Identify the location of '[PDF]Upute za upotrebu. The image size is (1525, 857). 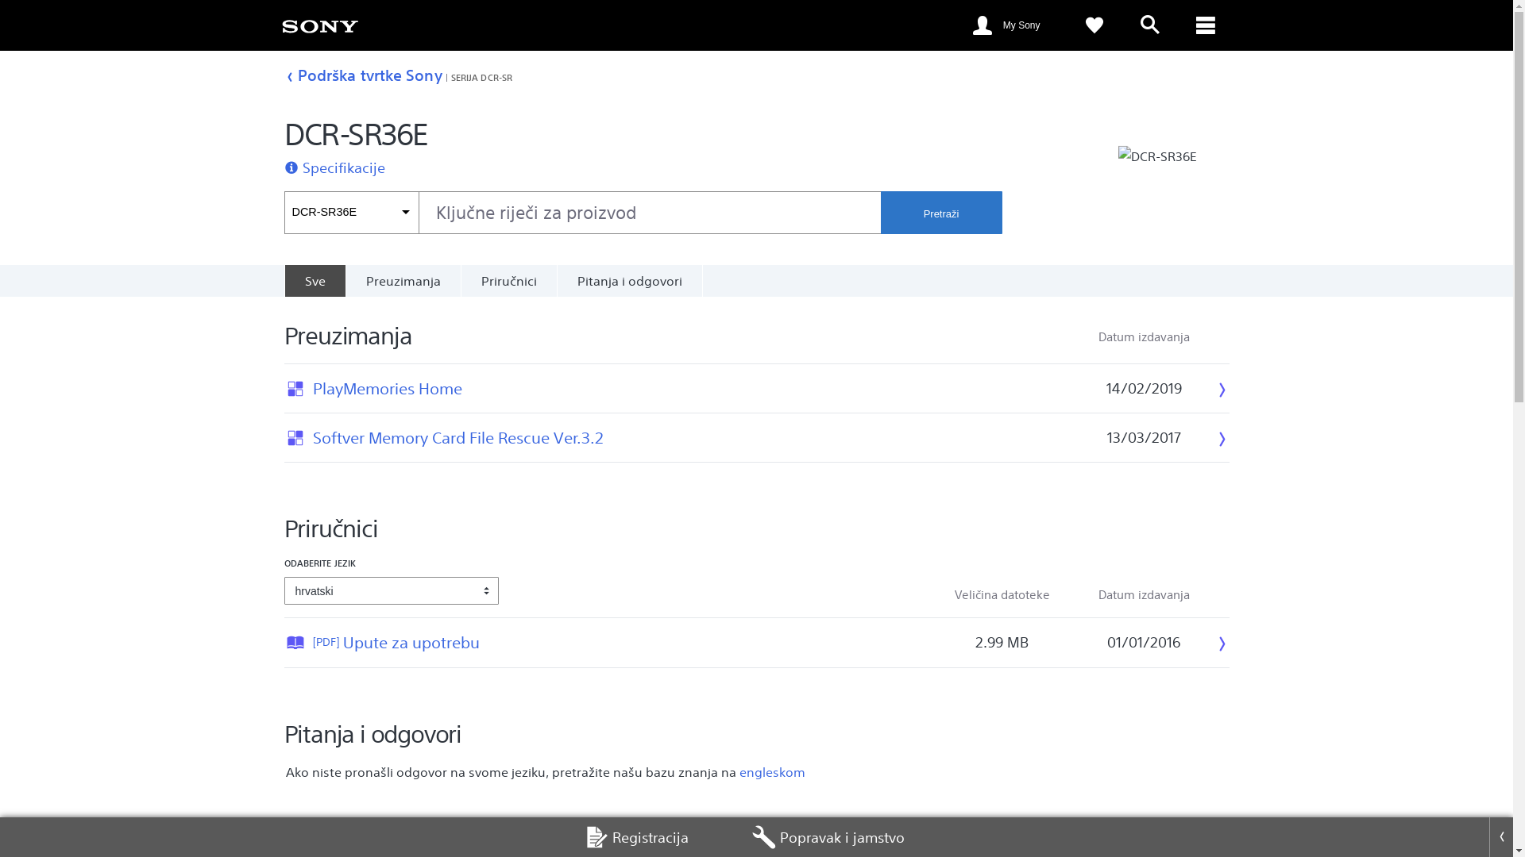
(616, 641).